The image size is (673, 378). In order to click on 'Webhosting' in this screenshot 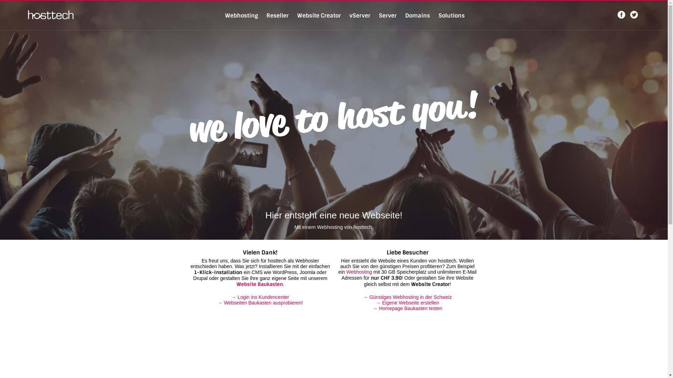, I will do `click(242, 15)`.